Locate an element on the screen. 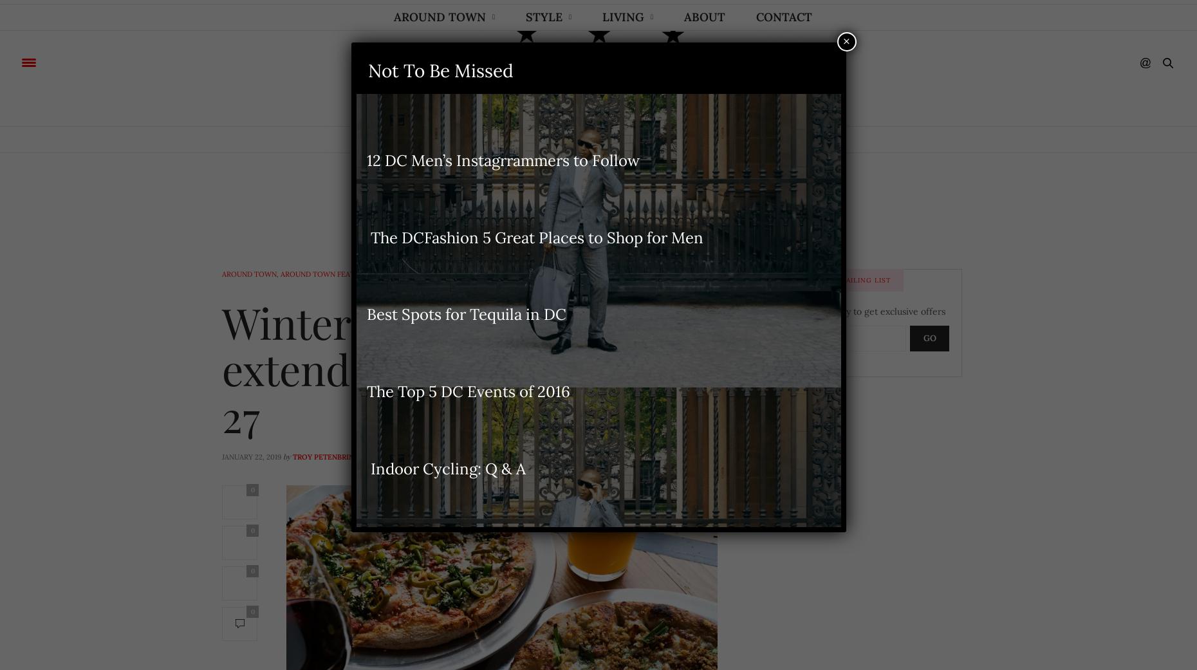 This screenshot has height=670, width=1197. 'Contact' is located at coordinates (776, 138).